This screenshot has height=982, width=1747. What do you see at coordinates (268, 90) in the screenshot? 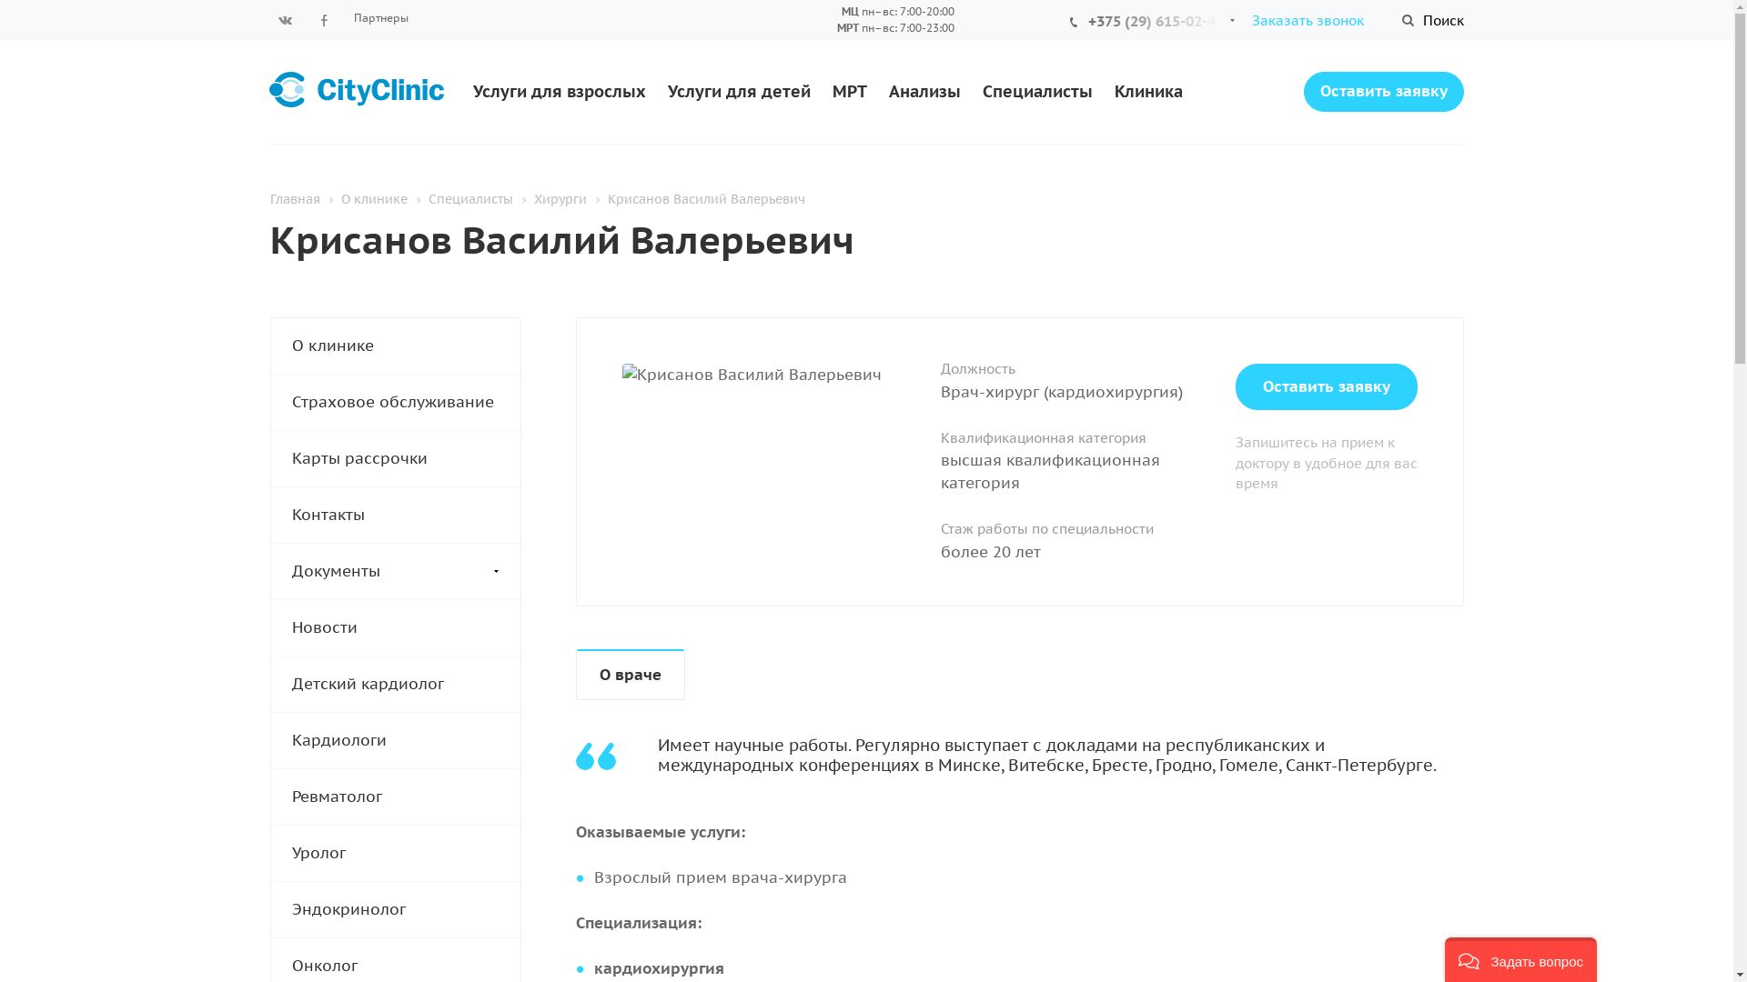
I see `'CityClinic'` at bounding box center [268, 90].